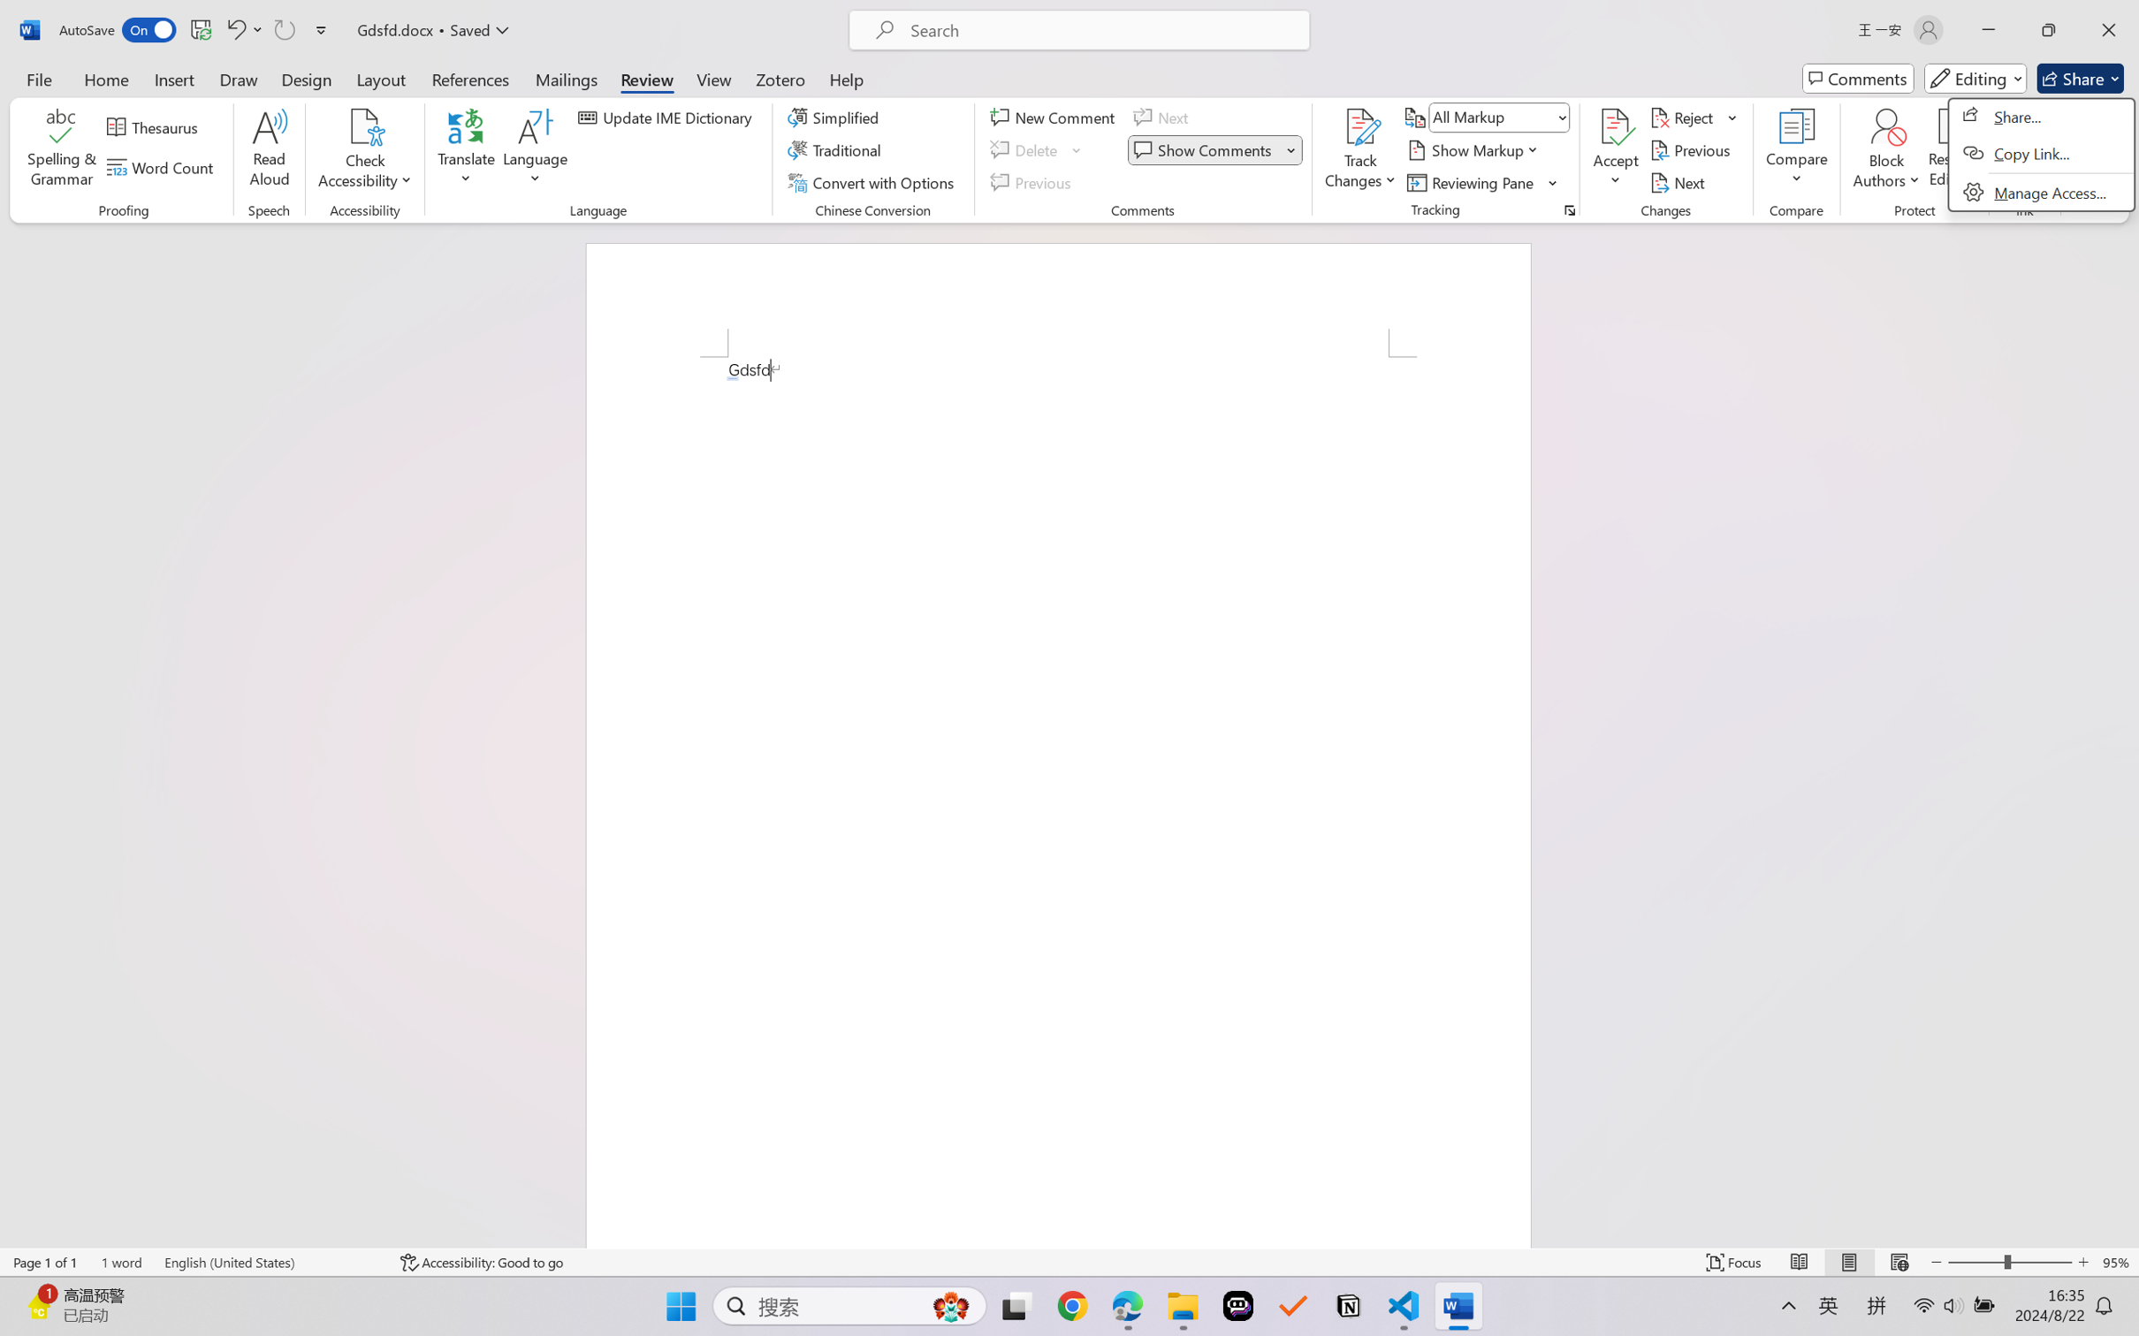 The height and width of the screenshot is (1336, 2139). I want to click on 'Thesaurus...', so click(156, 127).